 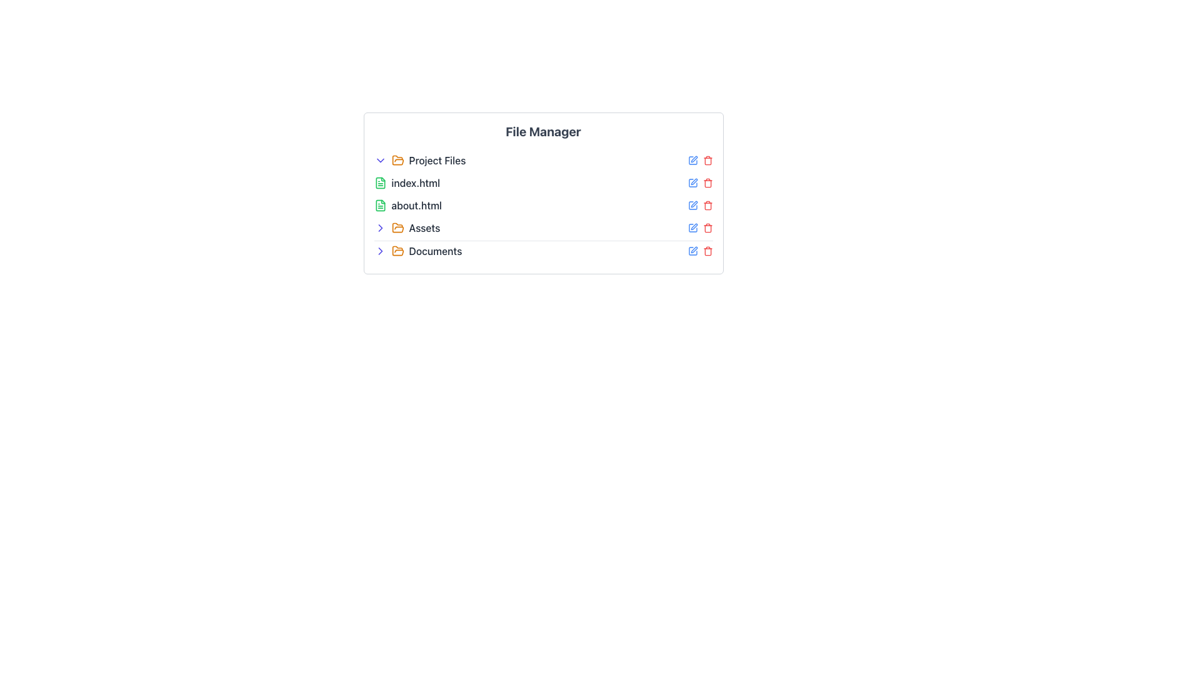 What do you see at coordinates (379, 251) in the screenshot?
I see `the Chevron icon next to the 'Documents' list item` at bounding box center [379, 251].